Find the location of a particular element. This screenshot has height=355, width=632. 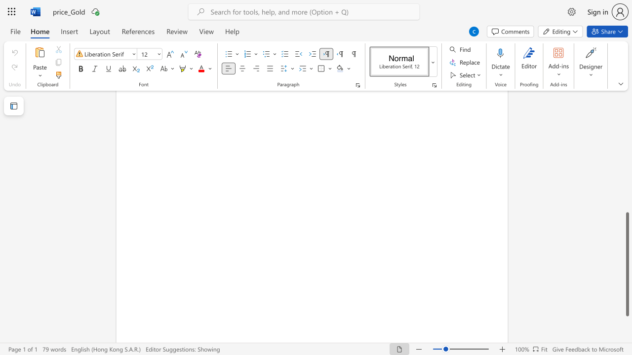

the scrollbar is located at coordinates (627, 112).